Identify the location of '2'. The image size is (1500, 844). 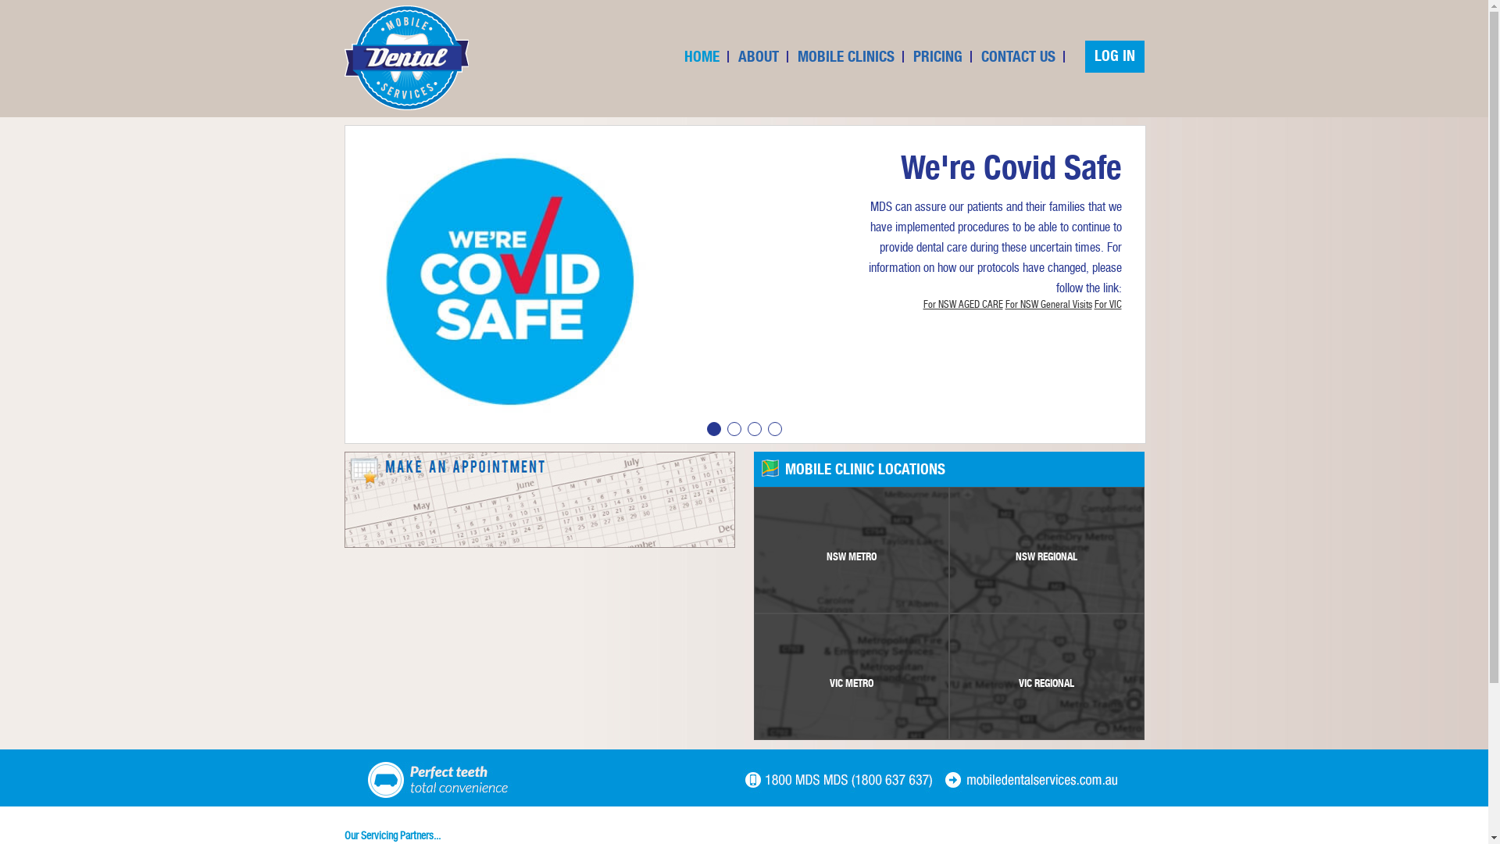
(733, 428).